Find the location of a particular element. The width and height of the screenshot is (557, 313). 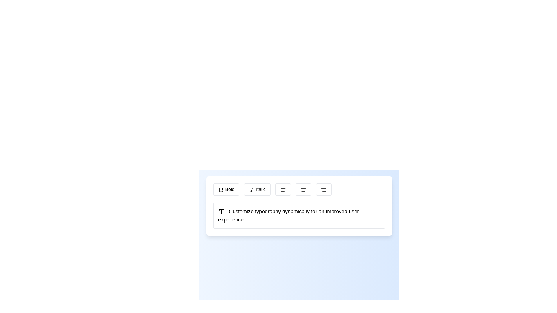

the fourth button from the left in the toolbar is located at coordinates (303, 190).